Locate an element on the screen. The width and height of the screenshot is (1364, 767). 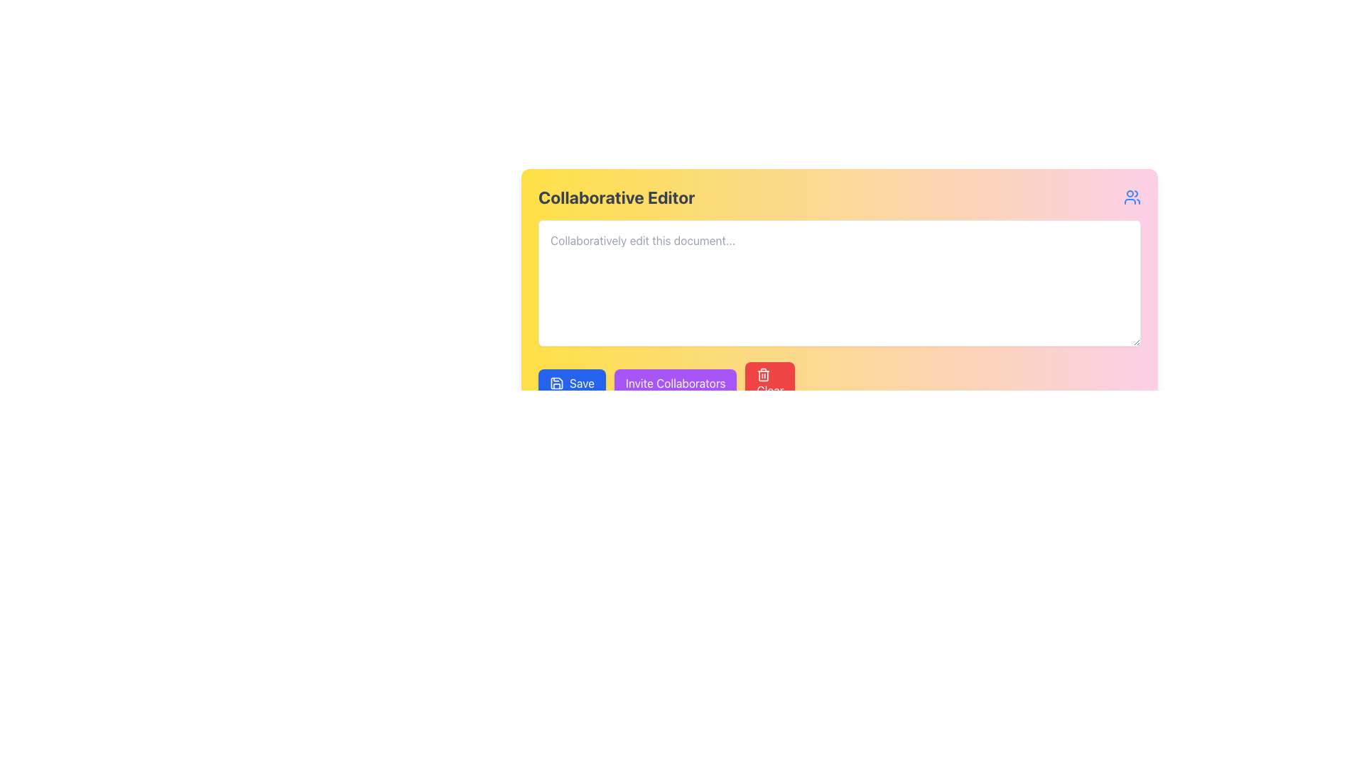
the text label that serves as a header or title for the section below, located at the top-left area of the broader rectangular section with a gradient background is located at coordinates (617, 197).